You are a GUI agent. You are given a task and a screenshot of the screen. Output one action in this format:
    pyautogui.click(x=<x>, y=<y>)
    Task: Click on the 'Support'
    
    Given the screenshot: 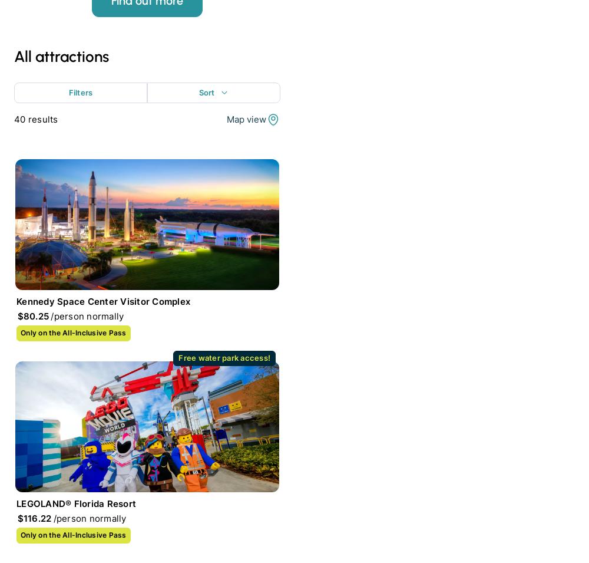 What is the action you would take?
    pyautogui.click(x=34, y=423)
    